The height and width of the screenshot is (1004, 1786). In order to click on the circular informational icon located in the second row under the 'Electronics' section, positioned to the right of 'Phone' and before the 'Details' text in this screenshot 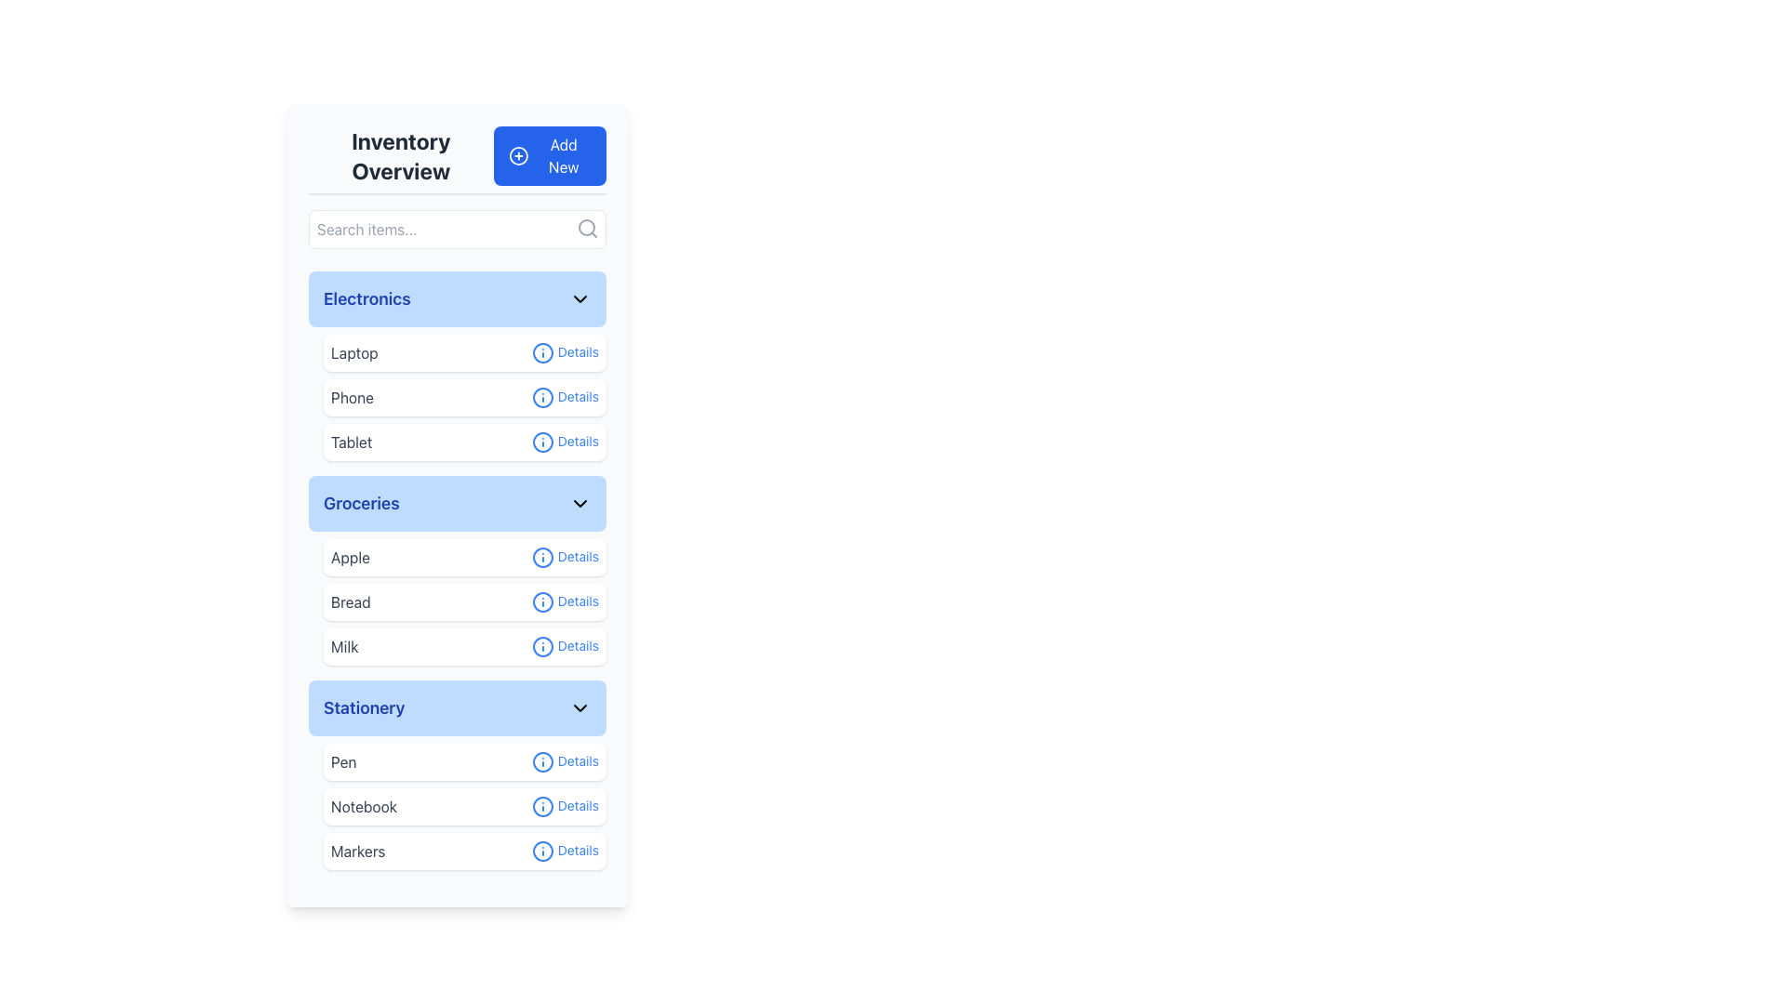, I will do `click(541, 397)`.